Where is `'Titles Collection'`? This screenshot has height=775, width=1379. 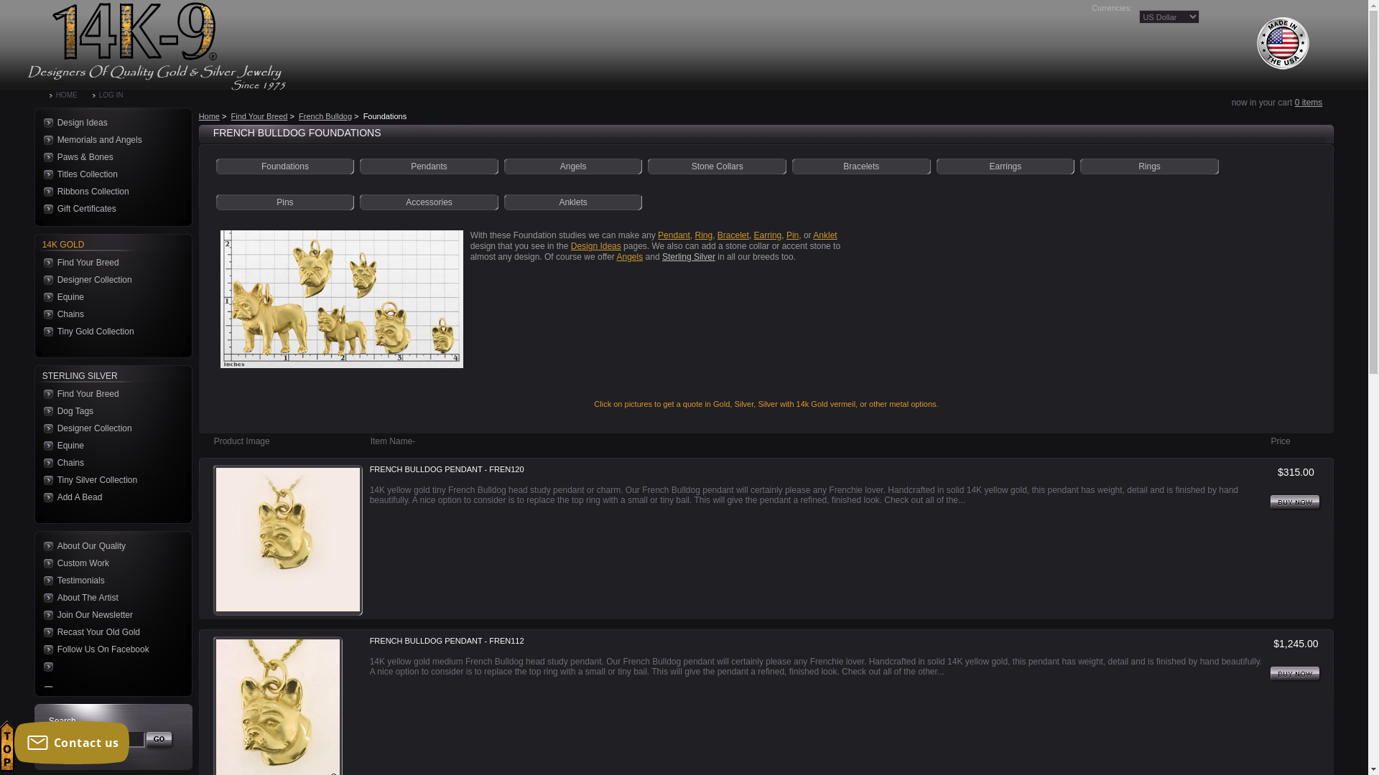 'Titles Collection' is located at coordinates (108, 174).